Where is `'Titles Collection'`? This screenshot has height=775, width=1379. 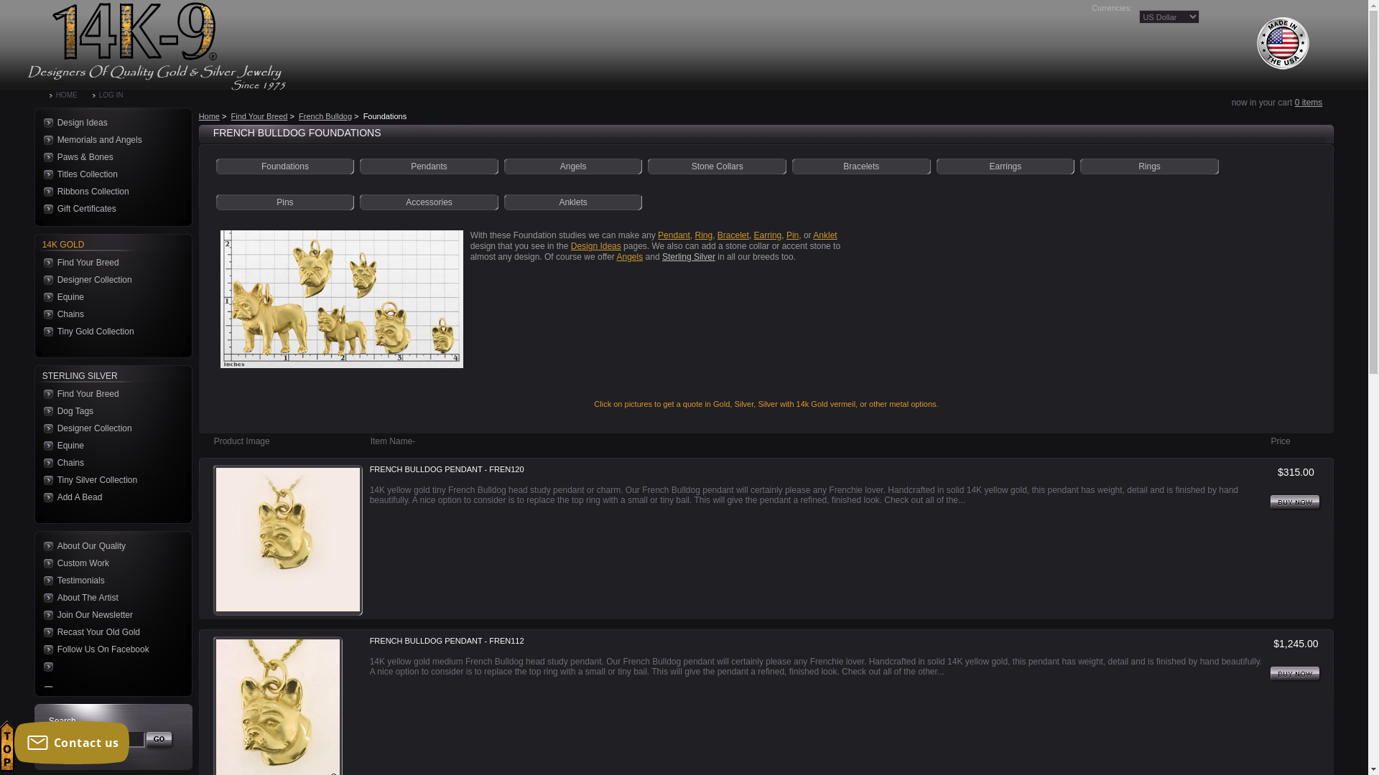 'Titles Collection' is located at coordinates (108, 174).